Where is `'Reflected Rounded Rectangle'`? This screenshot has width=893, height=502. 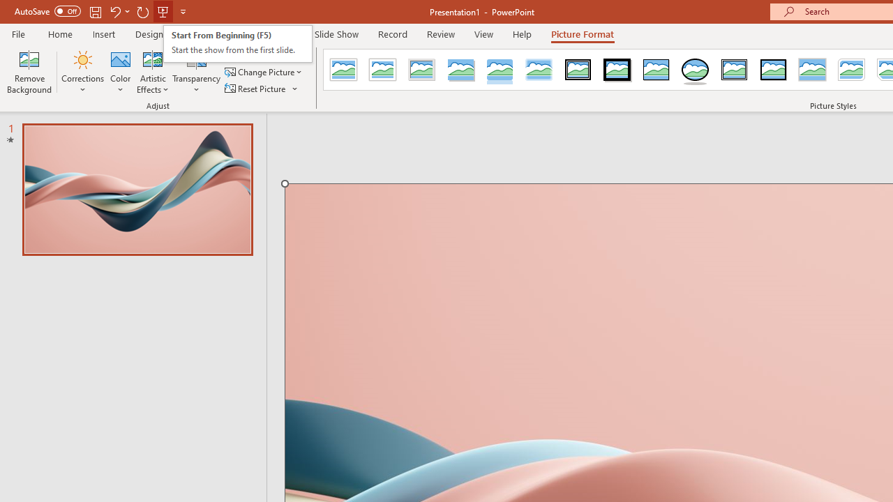
'Reflected Rounded Rectangle' is located at coordinates (500, 70).